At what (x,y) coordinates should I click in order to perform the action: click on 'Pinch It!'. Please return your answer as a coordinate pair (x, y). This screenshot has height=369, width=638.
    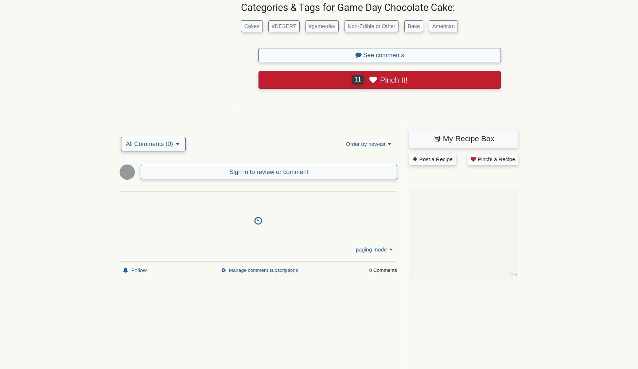
    Looking at the image, I should click on (393, 79).